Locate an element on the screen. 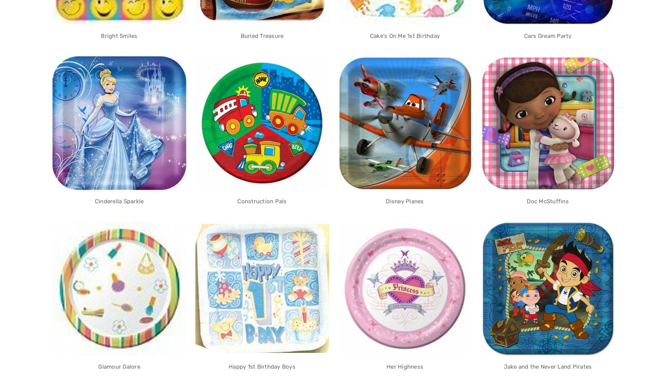 The image size is (667, 384). 'Doc McStuffins' is located at coordinates (547, 201).